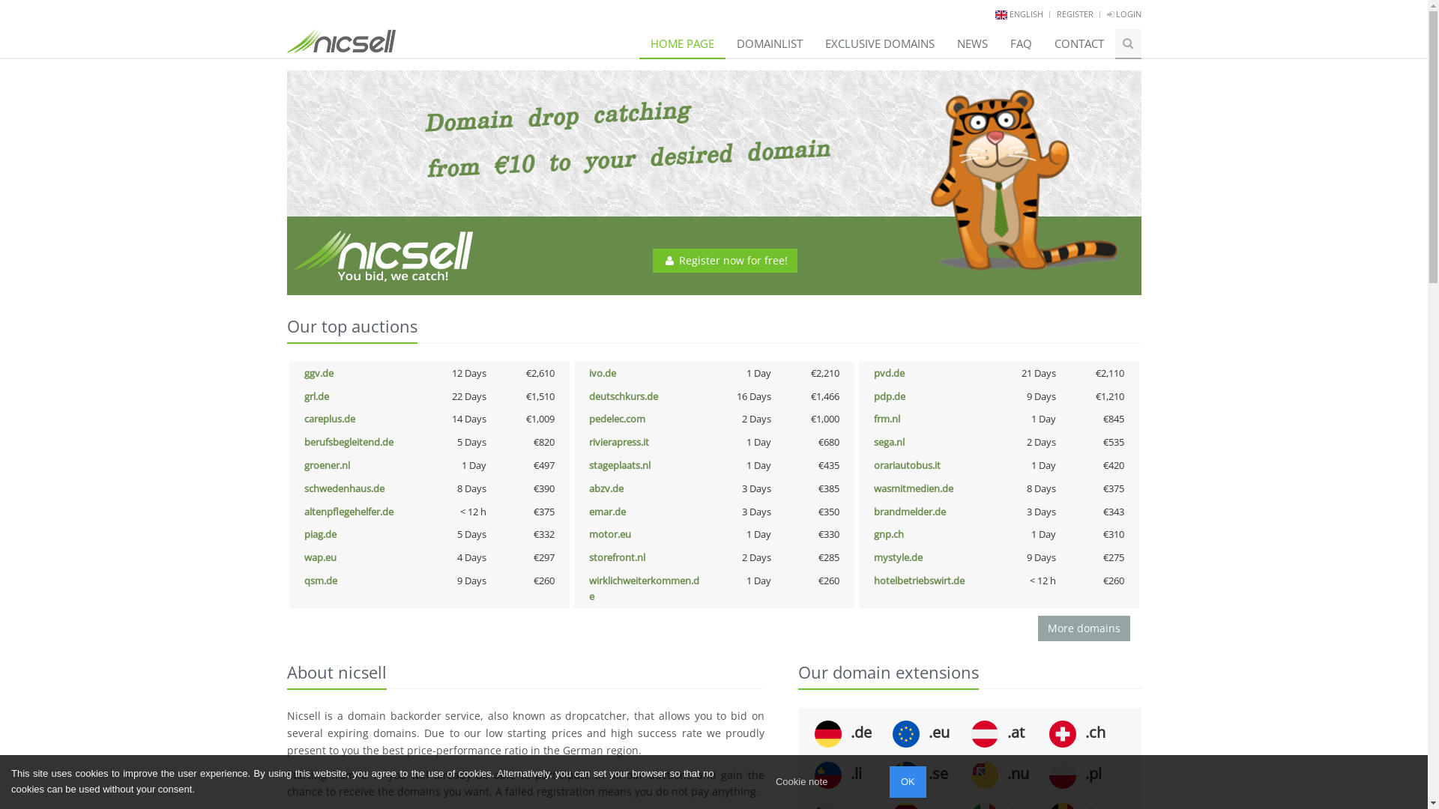 The width and height of the screenshot is (1439, 809). Describe the element at coordinates (1019, 43) in the screenshot. I see `'FAQ'` at that location.